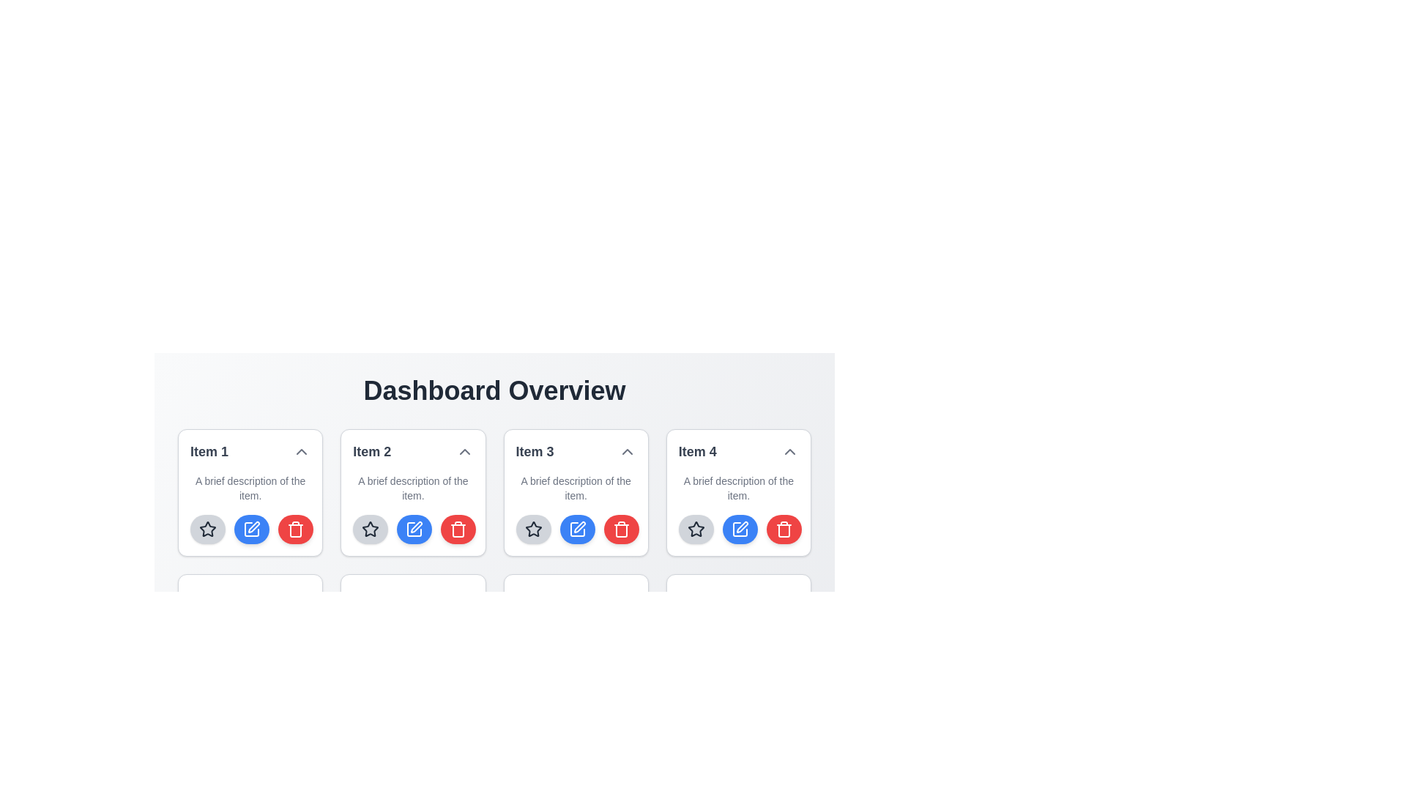 The height and width of the screenshot is (791, 1406). What do you see at coordinates (740, 529) in the screenshot?
I see `the icon button resembling a square with a missing bottom-right corner, located to the right of the star icon and to the left of the trash bin icon within the item card labeled 'Item 4', to initiate an edit action` at bounding box center [740, 529].